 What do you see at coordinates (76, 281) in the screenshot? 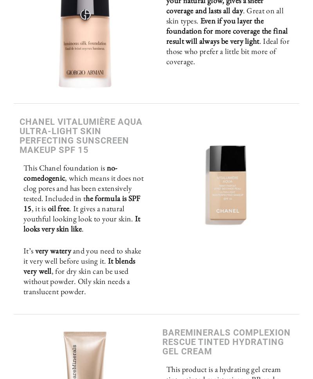
I see `', for dry skin can be used without powder. Oily skin needs a translucent powder.'` at bounding box center [76, 281].